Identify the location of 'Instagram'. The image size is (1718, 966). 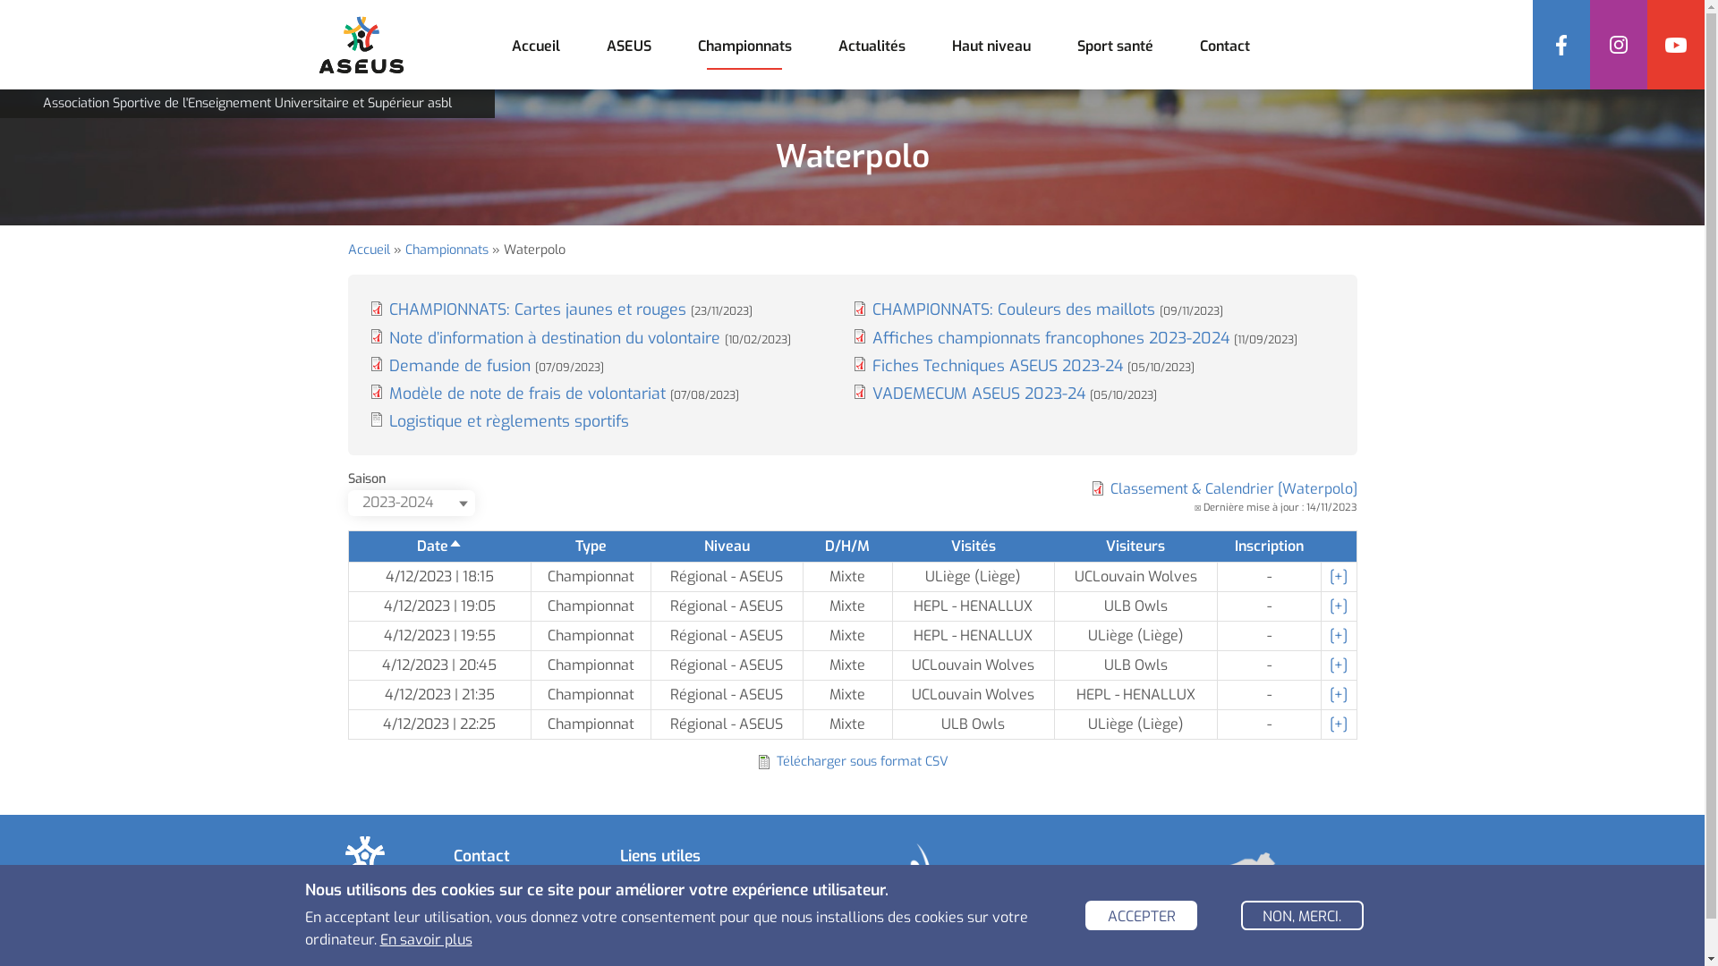
(1619, 44).